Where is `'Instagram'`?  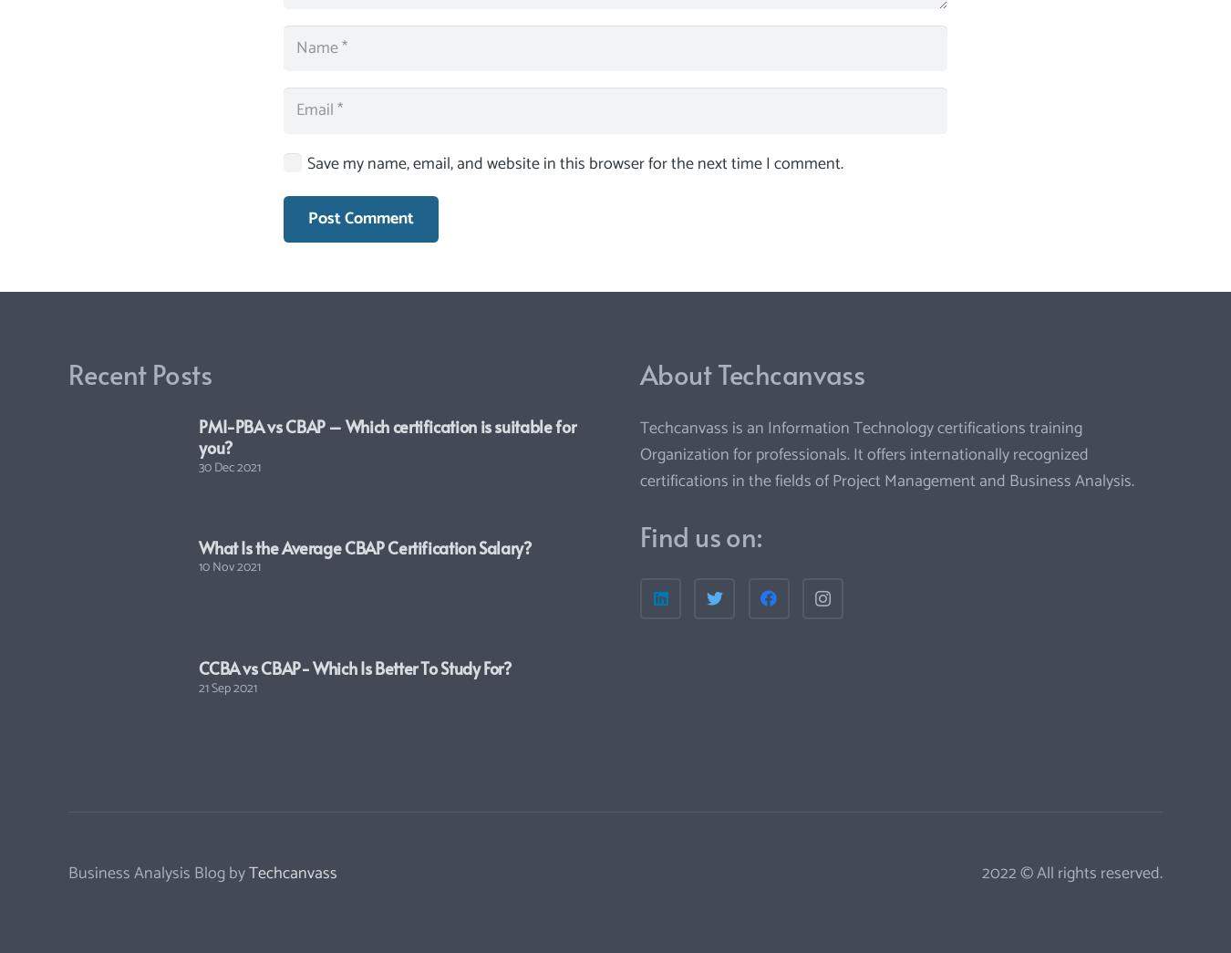
'Instagram' is located at coordinates (821, 529).